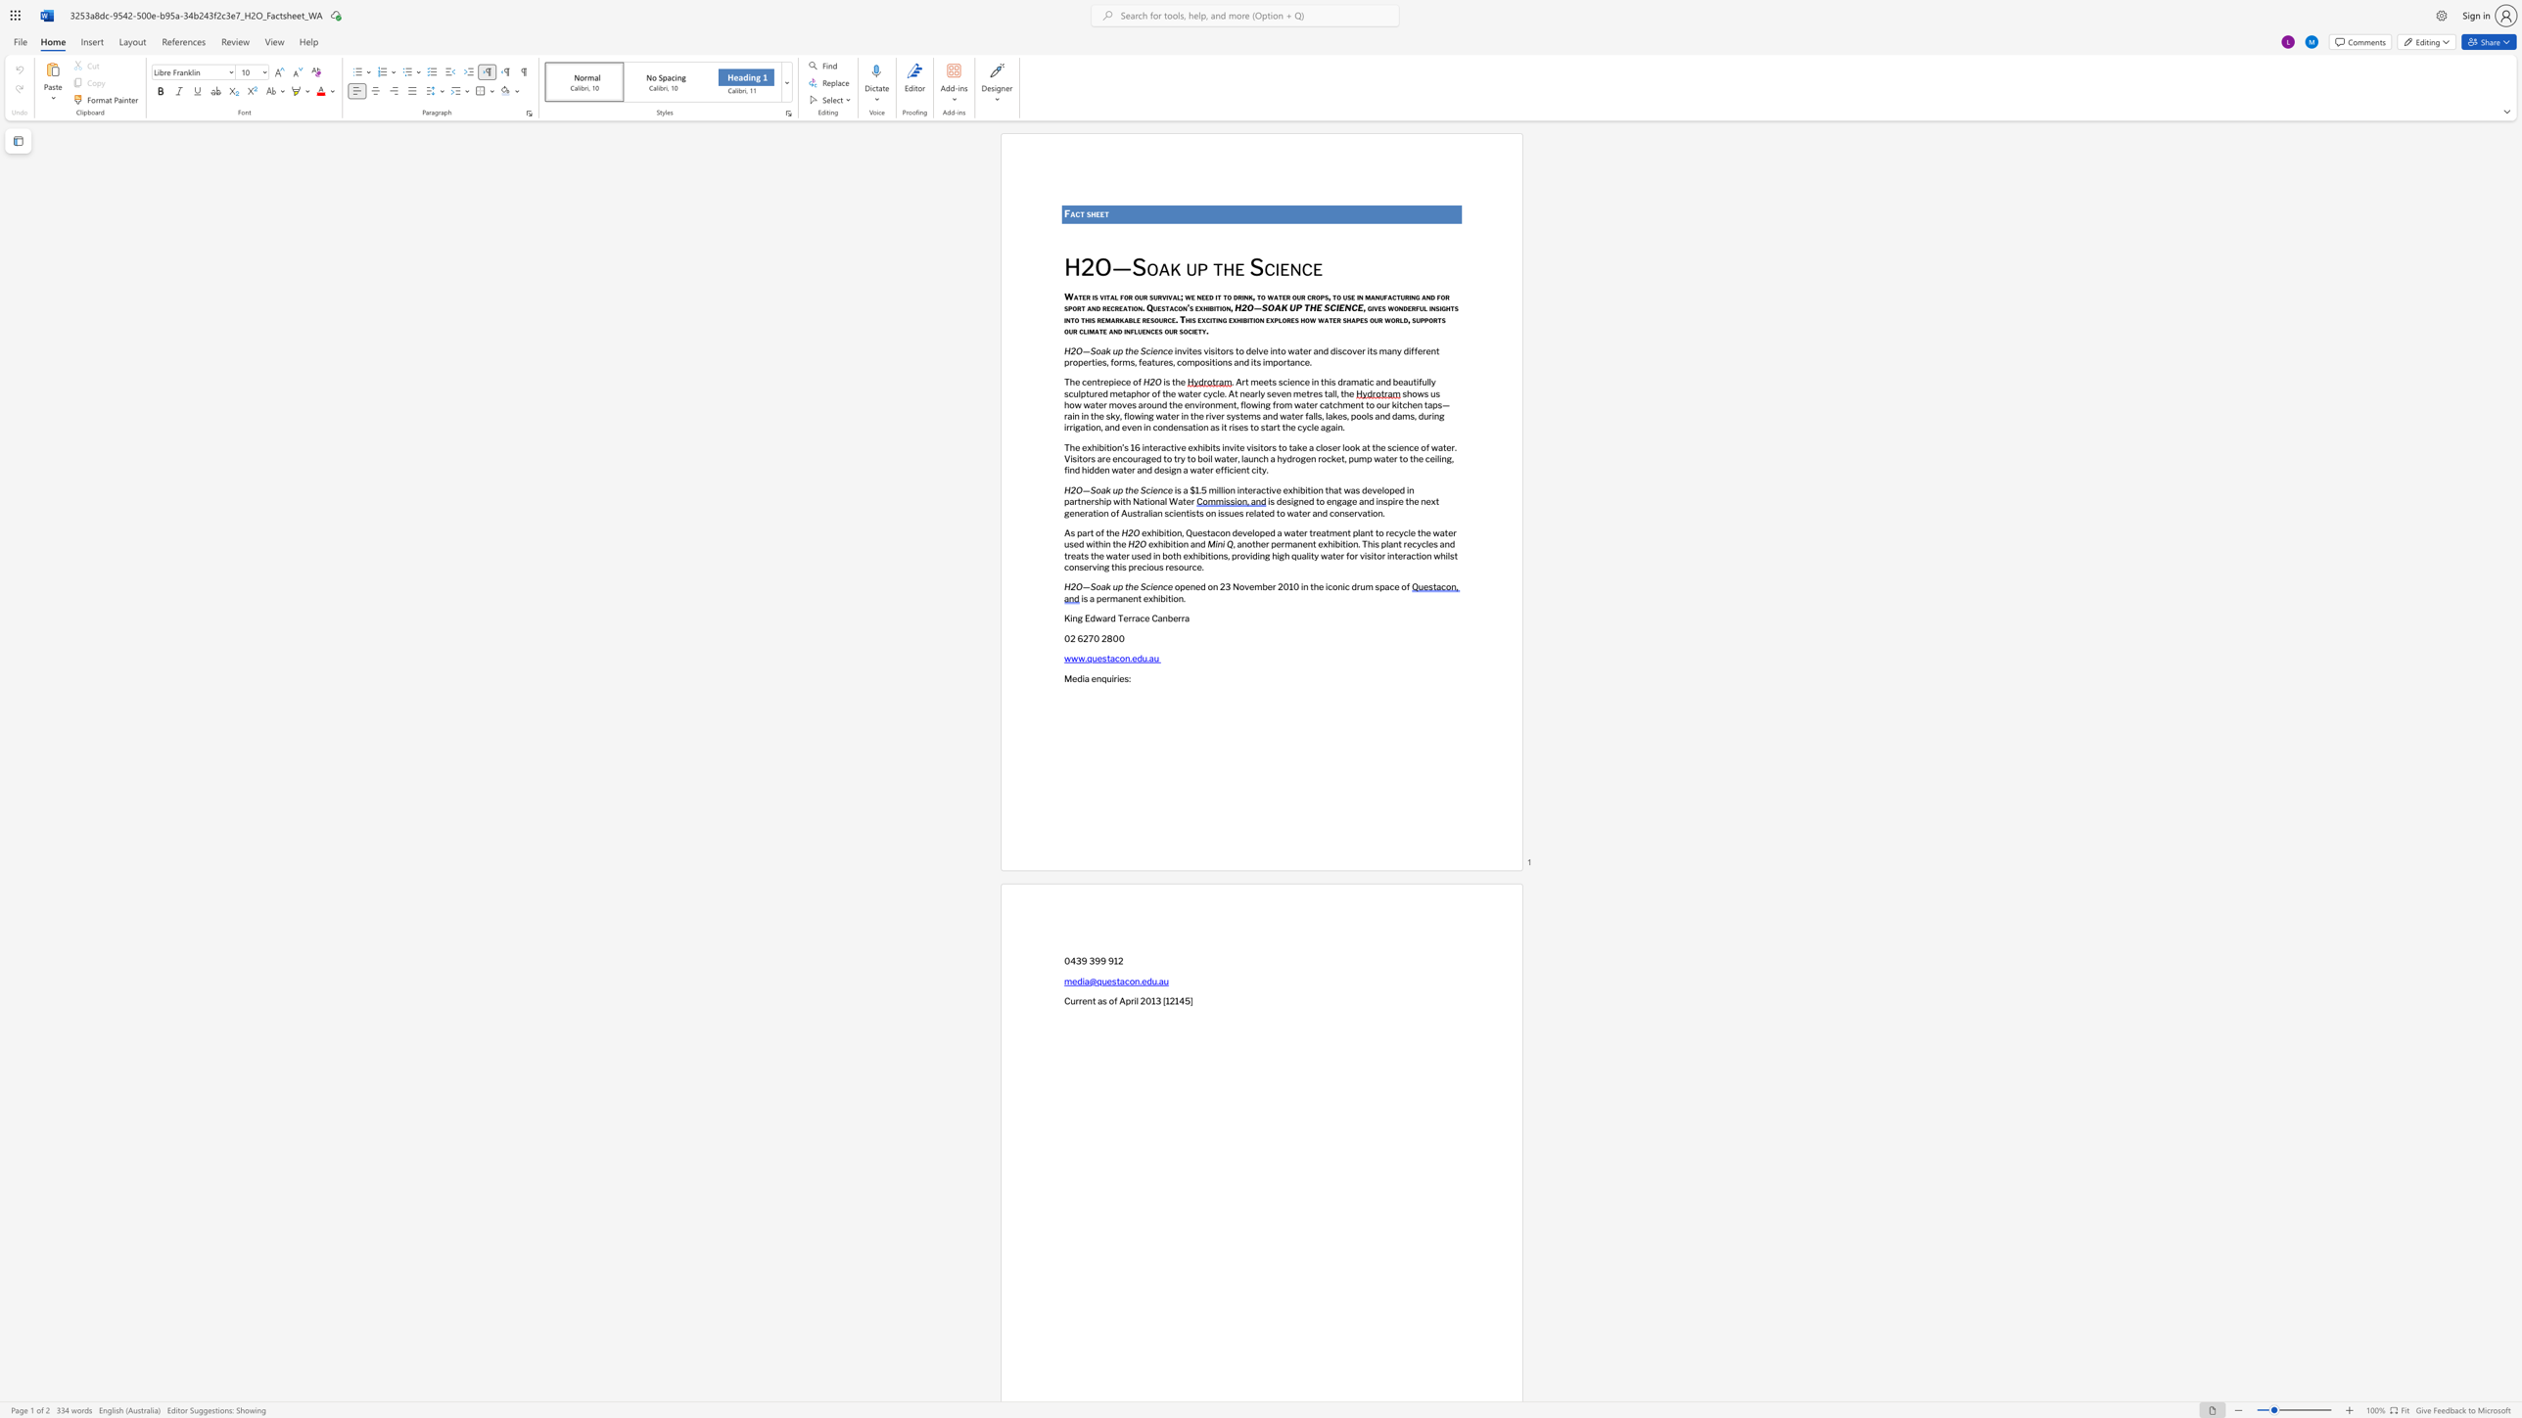 Image resolution: width=2522 pixels, height=1418 pixels. Describe the element at coordinates (1076, 489) in the screenshot. I see `the space between the continuous character "2" and "O" in the text` at that location.